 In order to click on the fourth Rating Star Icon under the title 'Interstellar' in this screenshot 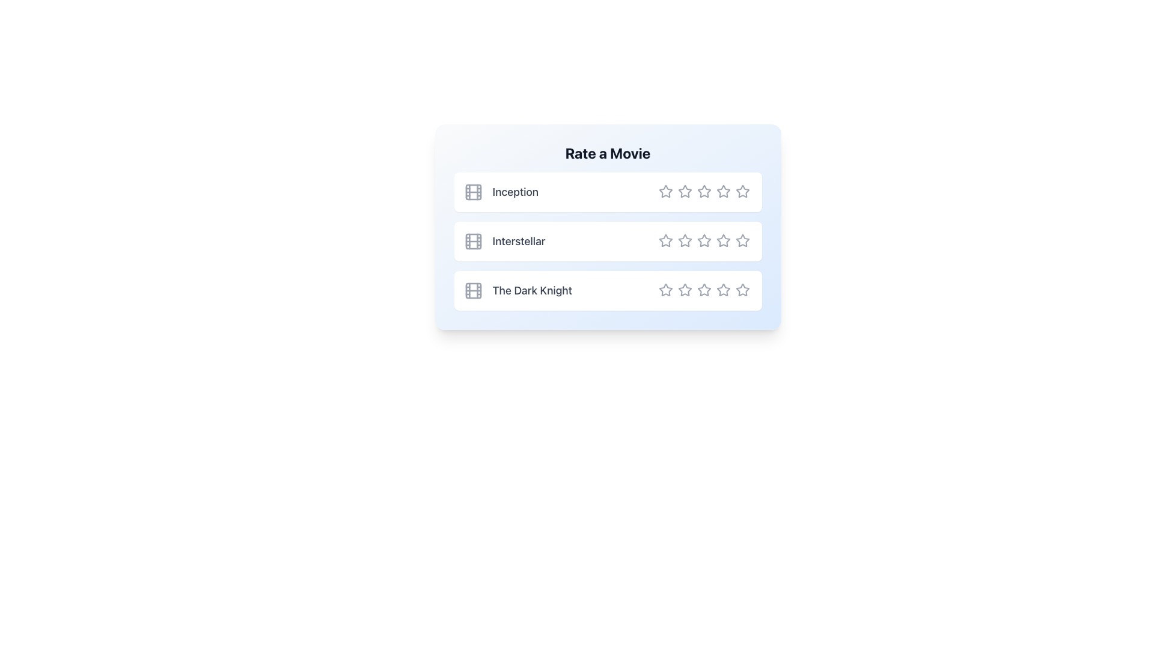, I will do `click(722, 240)`.